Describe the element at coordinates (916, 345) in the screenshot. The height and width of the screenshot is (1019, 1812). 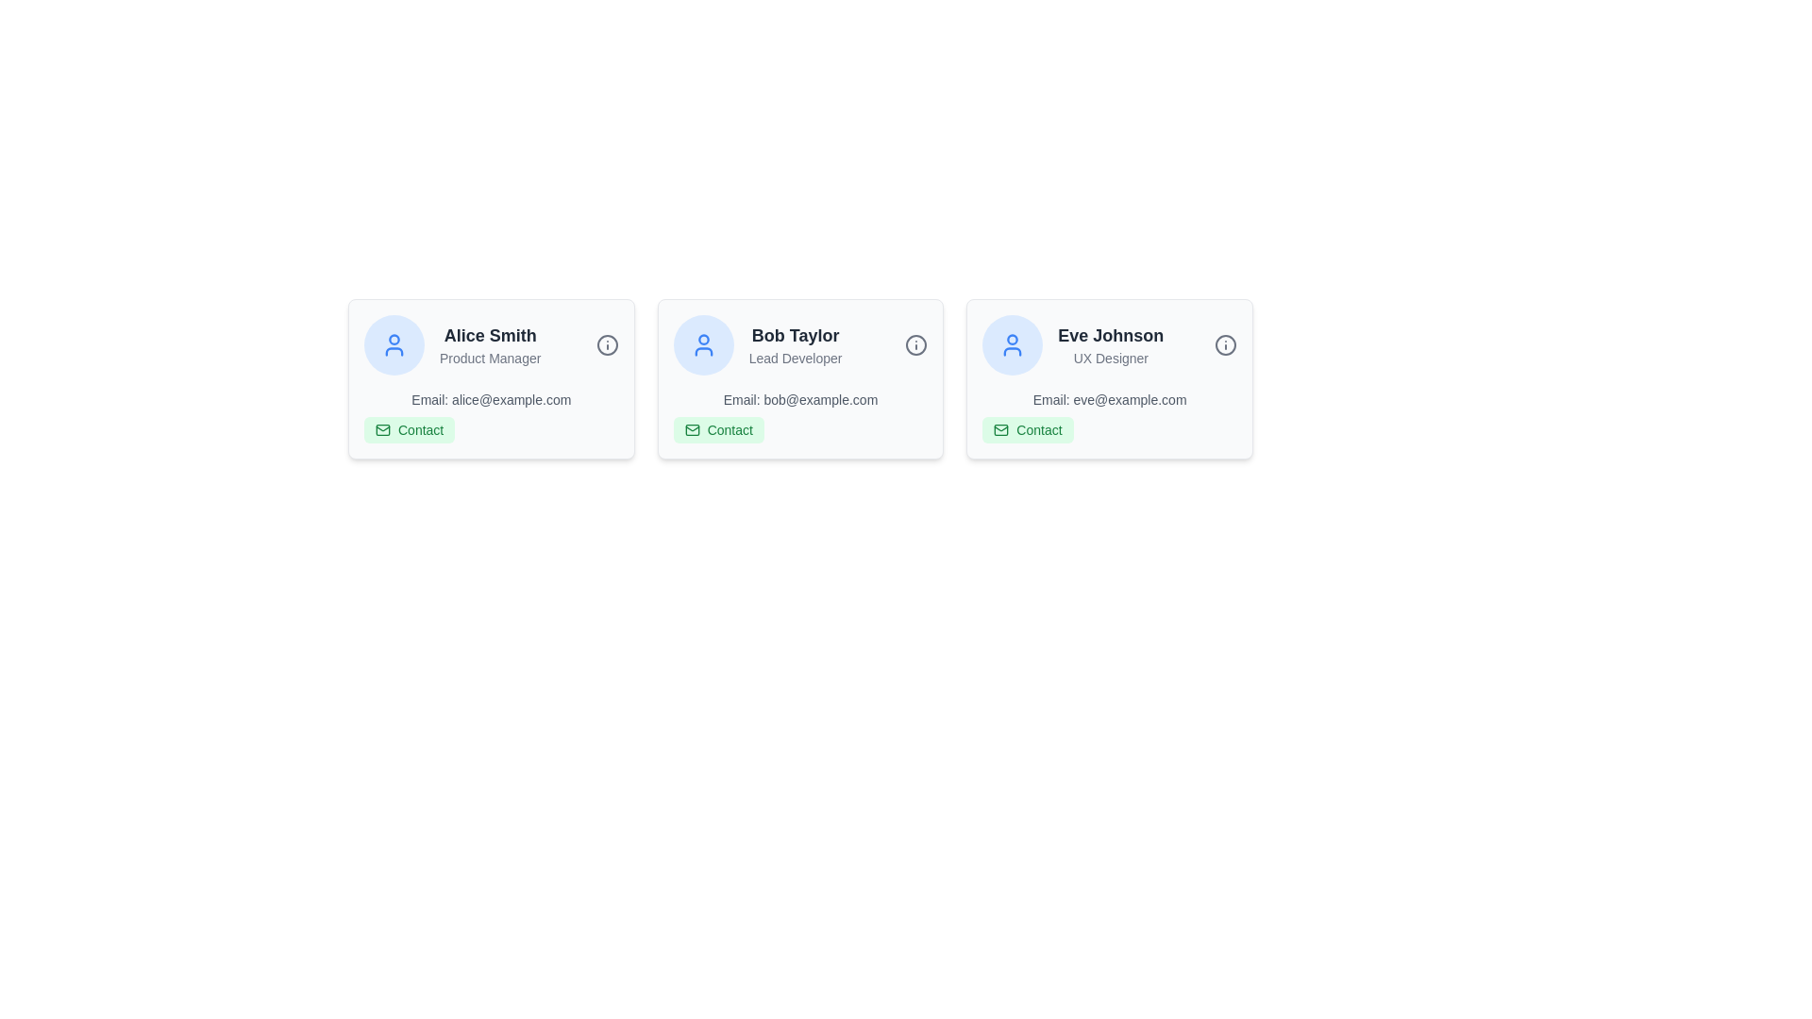
I see `the SVG circle icon that is part of the graphical representation for additional information related to 'Bob Taylor'` at that location.